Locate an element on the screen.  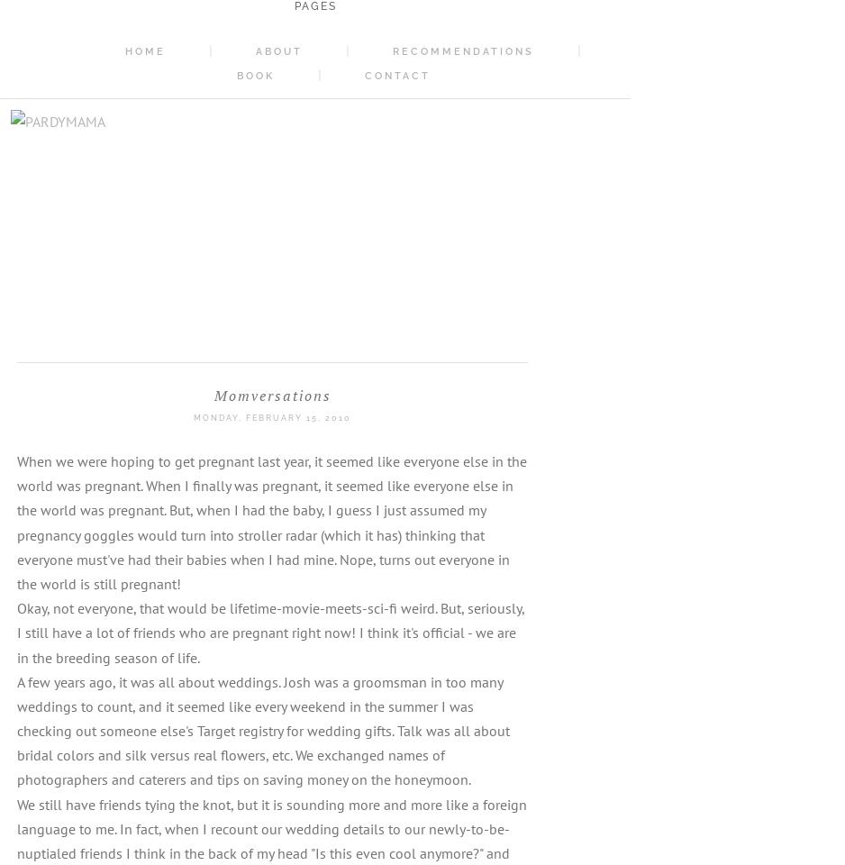
'When we were hoping to get pregnant last year, it seemed like everyone else in the world was pregnant.  When I finally was pregnant, it seemed like everyone else in the world was pregnant.  But, when I had the baby, I guess I just assumed my pregnancy goggles would turn into stroller radar (which it has) thinking that everyone must've had their babies when I had mine.  Nope, turns out everyone in the world is still pregnant!' is located at coordinates (272, 522).